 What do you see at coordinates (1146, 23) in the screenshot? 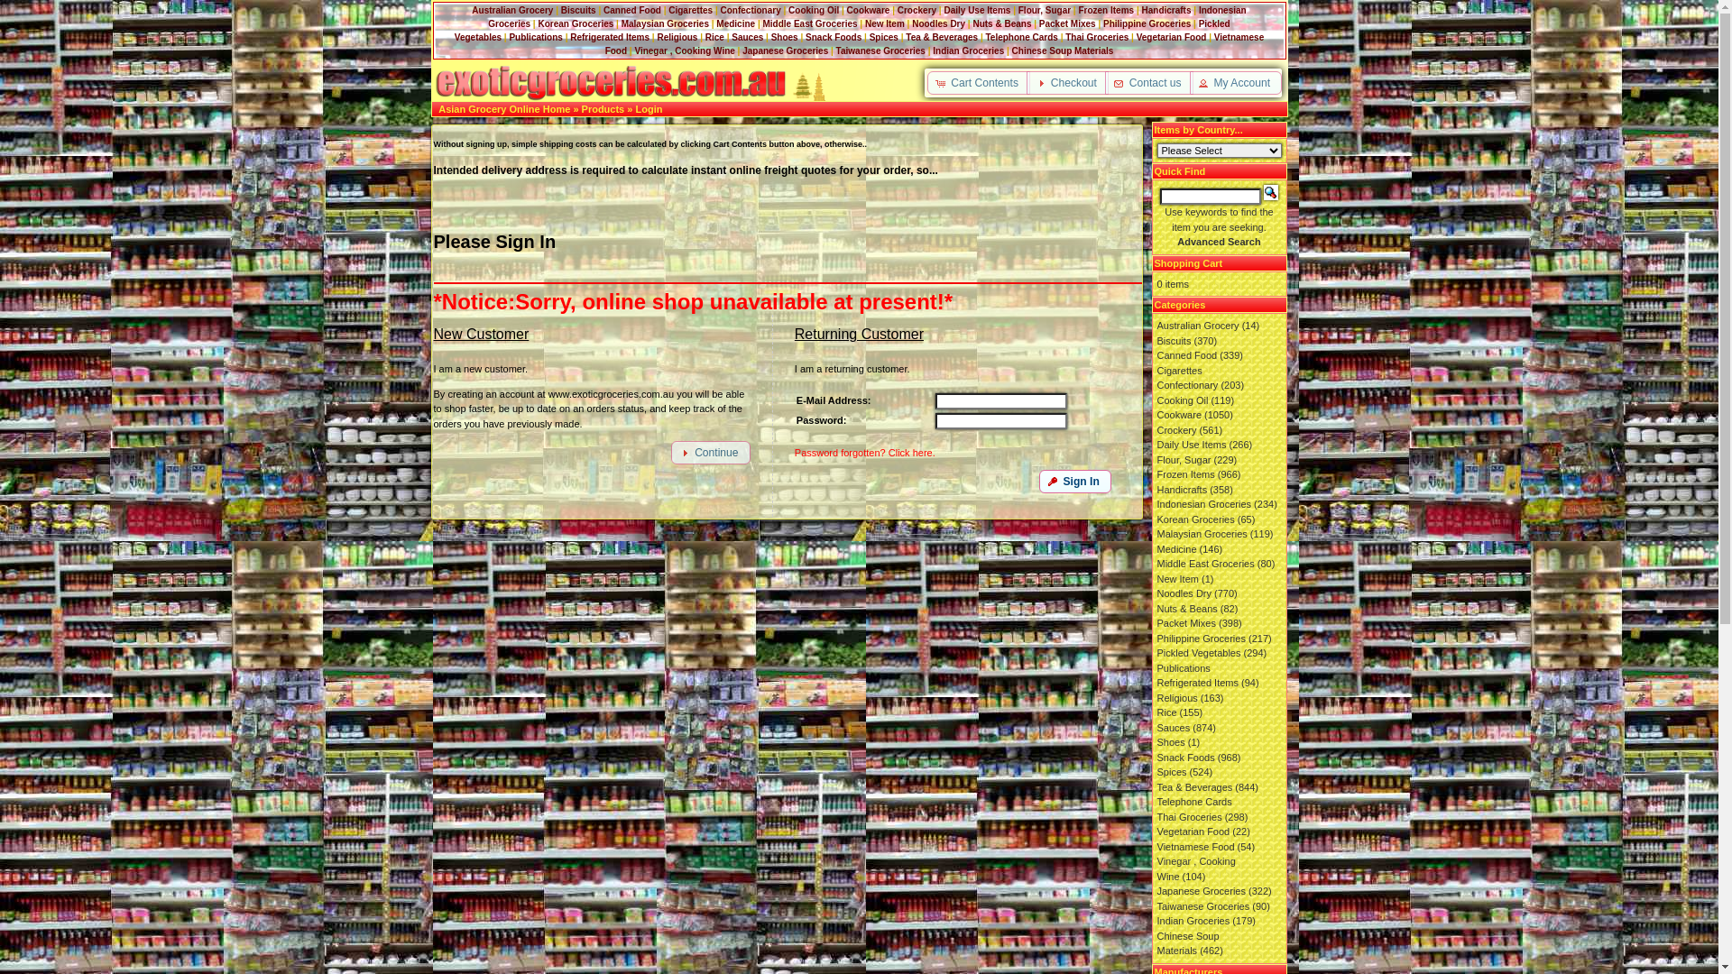
I see `'Philippine Groceries'` at bounding box center [1146, 23].